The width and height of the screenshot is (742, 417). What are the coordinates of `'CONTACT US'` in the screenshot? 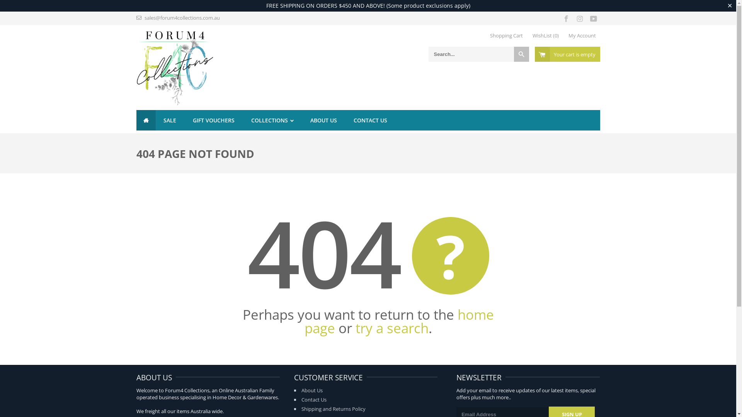 It's located at (345, 120).